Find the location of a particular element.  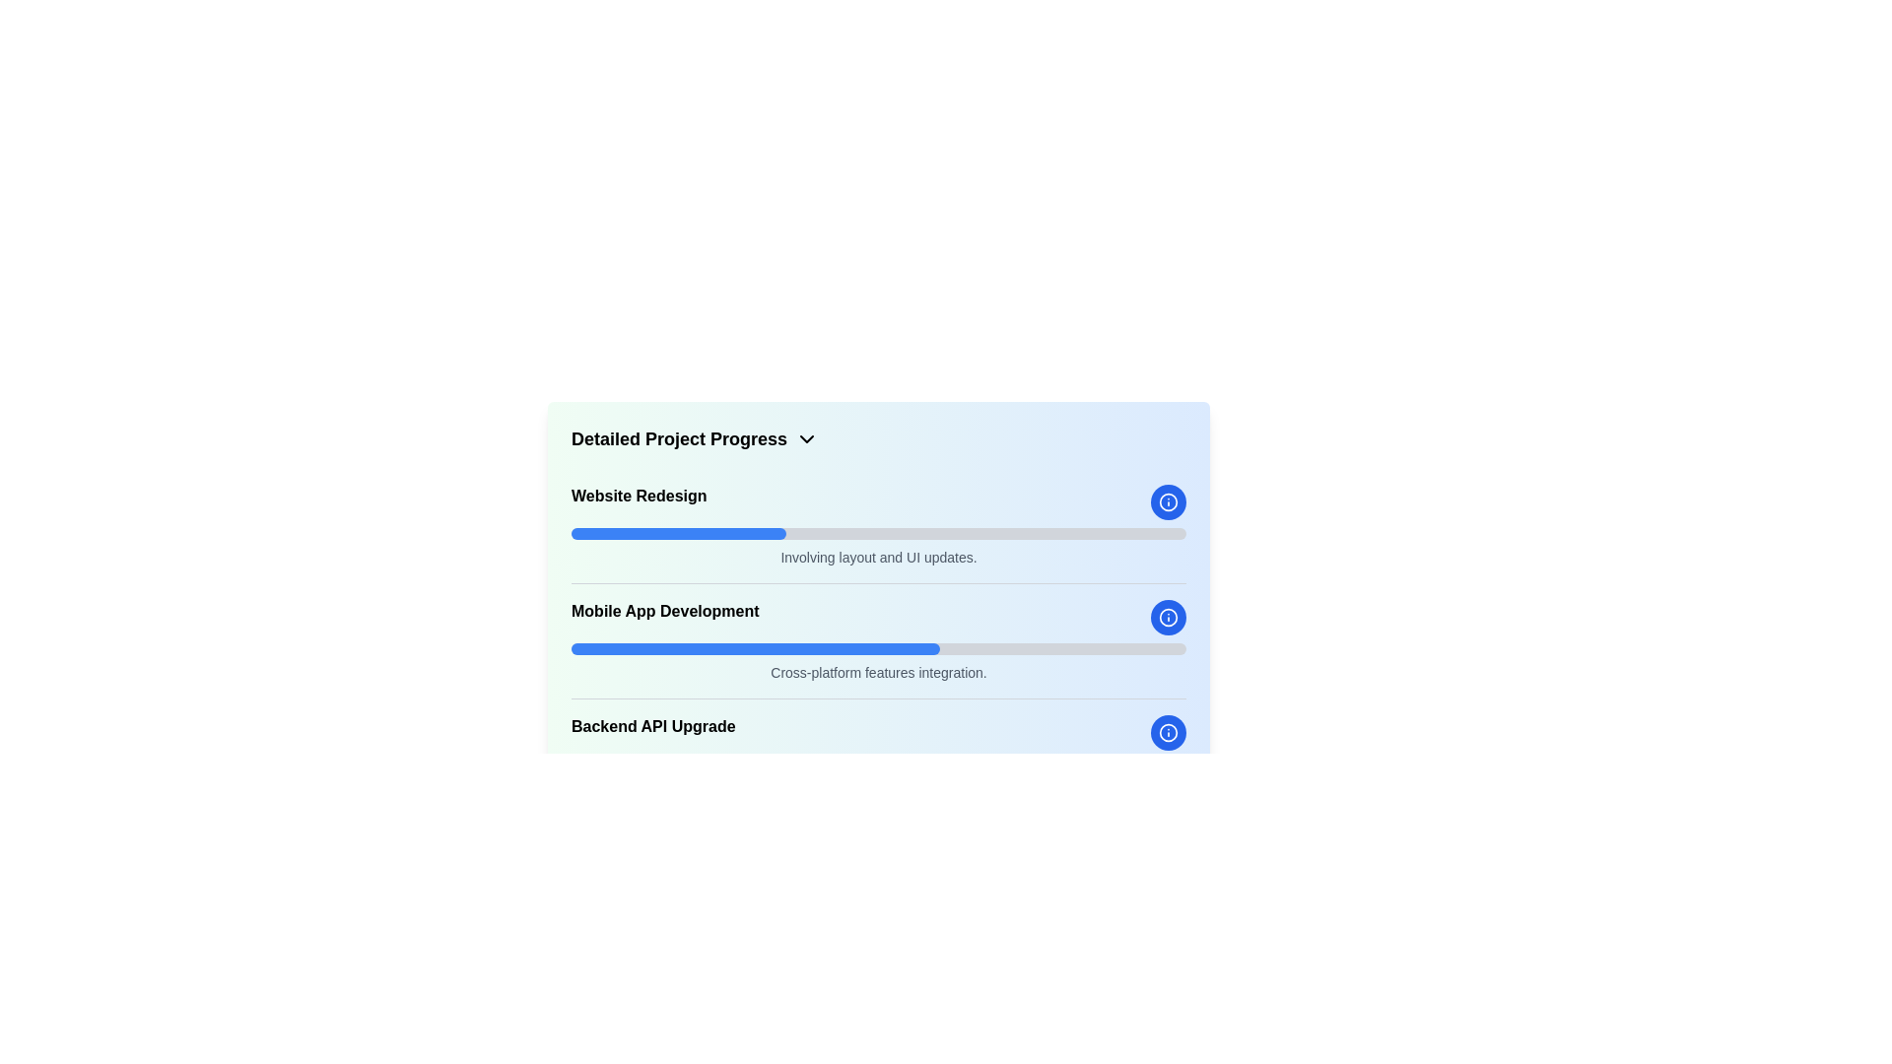

the descriptive text label that serves as a heading for the progress bar, located on the left side of the layout, above the progress bar and next to the info icon is located at coordinates (665, 617).